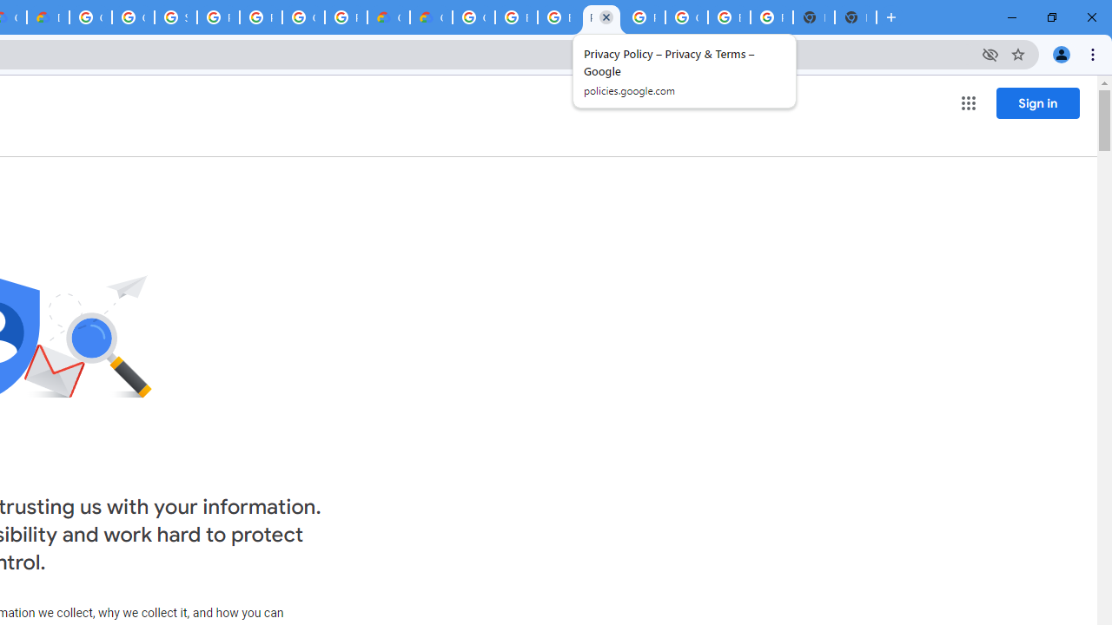 The height and width of the screenshot is (625, 1112). I want to click on 'Sign in - Google Accounts', so click(175, 17).